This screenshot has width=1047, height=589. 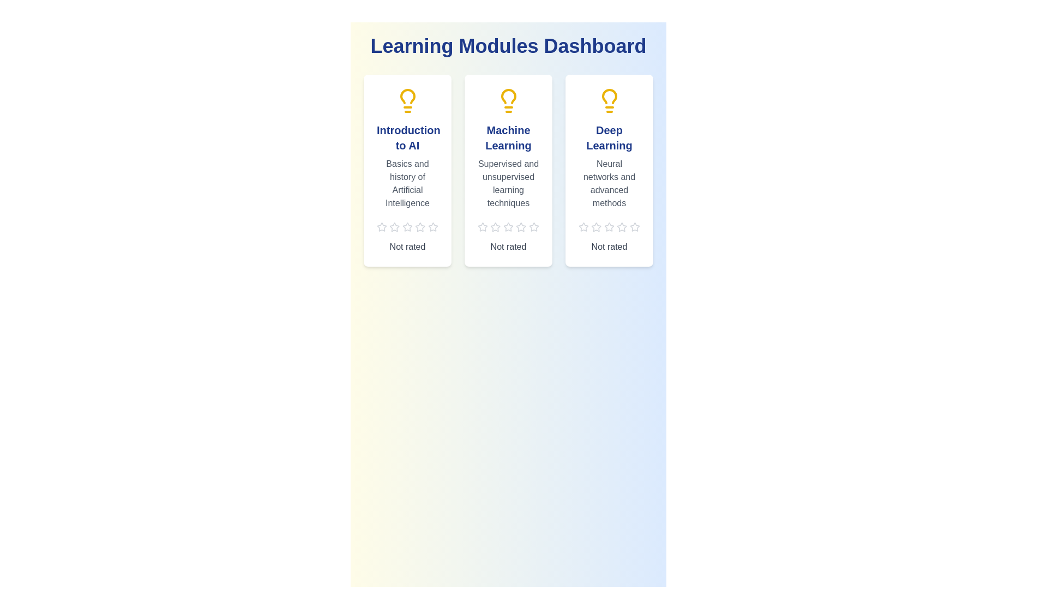 I want to click on the star corresponding to 1 stars to preview the rating, so click(x=382, y=226).